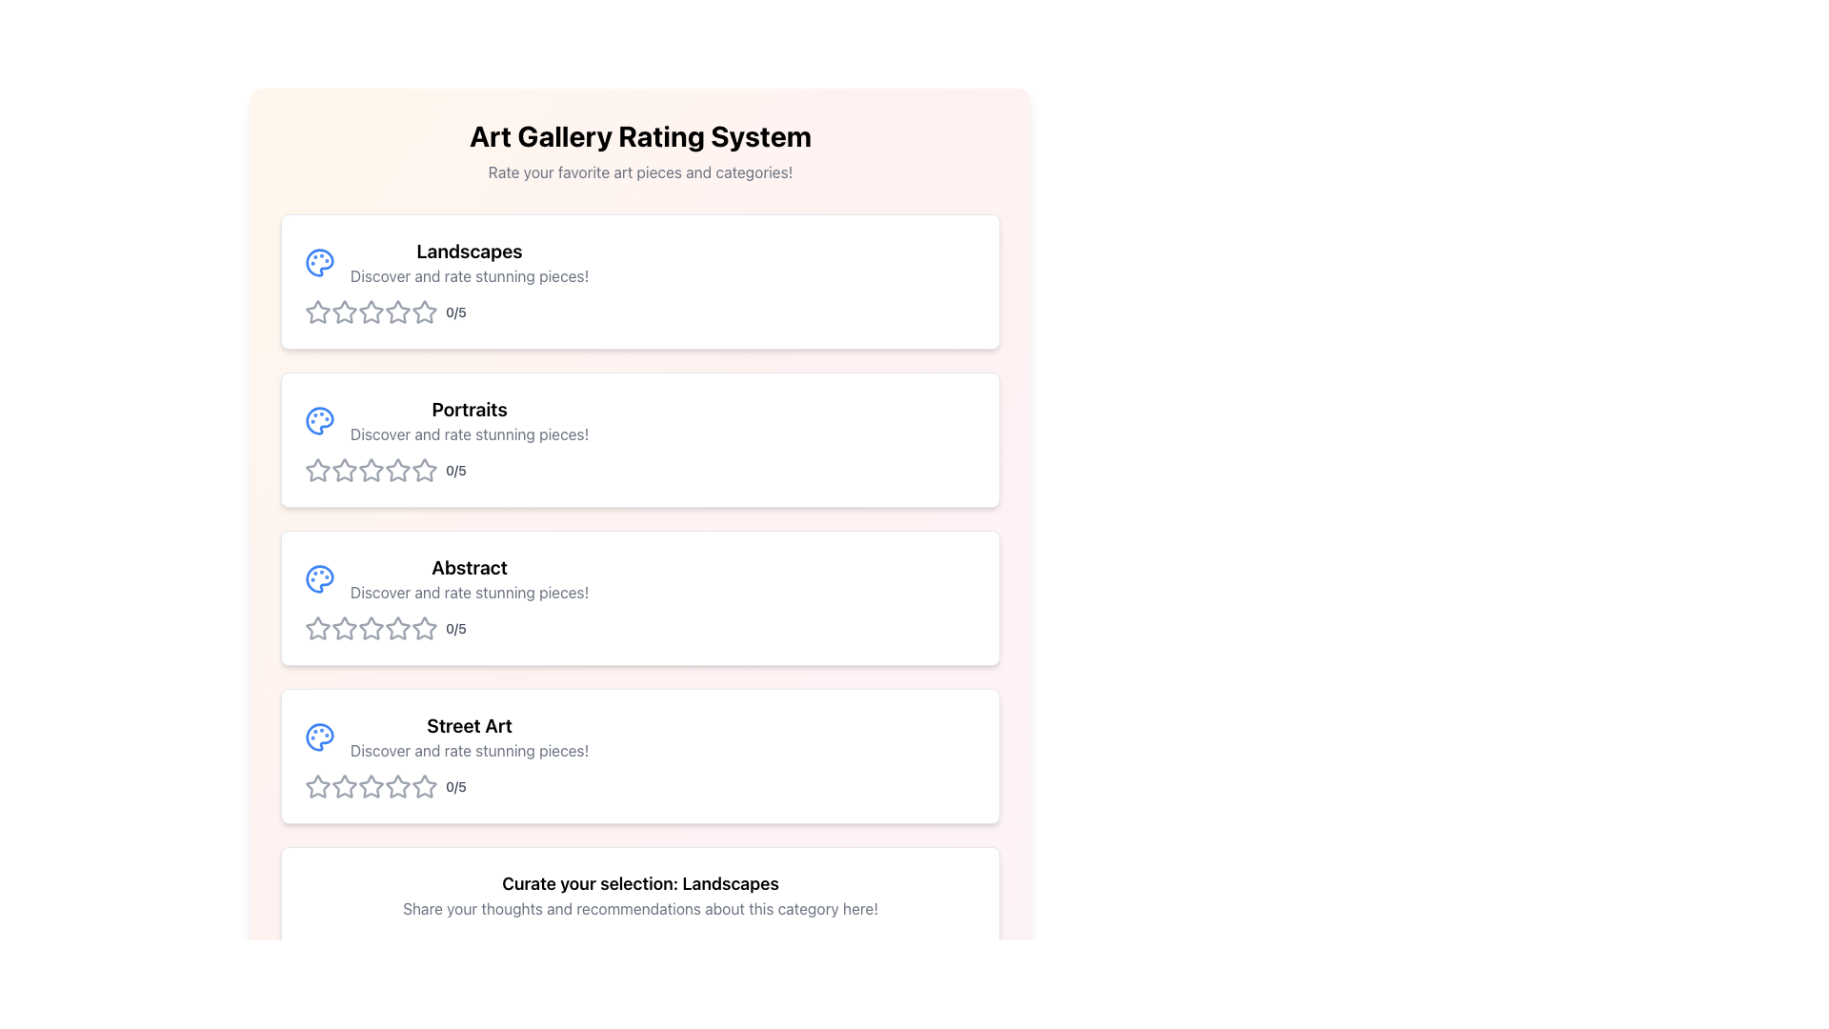  Describe the element at coordinates (320, 736) in the screenshot. I see `the blue artist's palette icon located next to the 'Street Art' text in the flexbox layout` at that location.